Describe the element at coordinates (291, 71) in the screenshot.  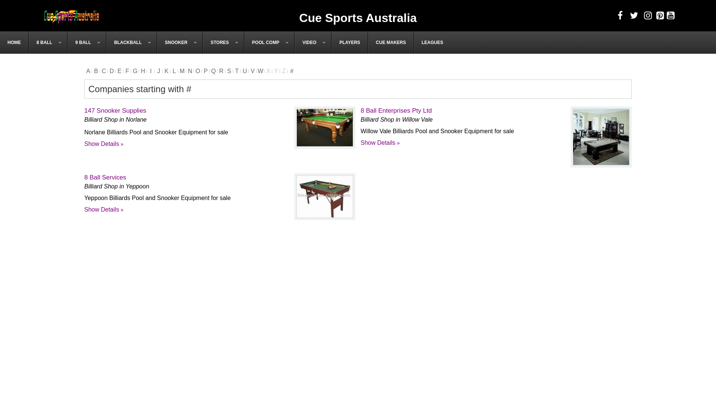
I see `'#'` at that location.